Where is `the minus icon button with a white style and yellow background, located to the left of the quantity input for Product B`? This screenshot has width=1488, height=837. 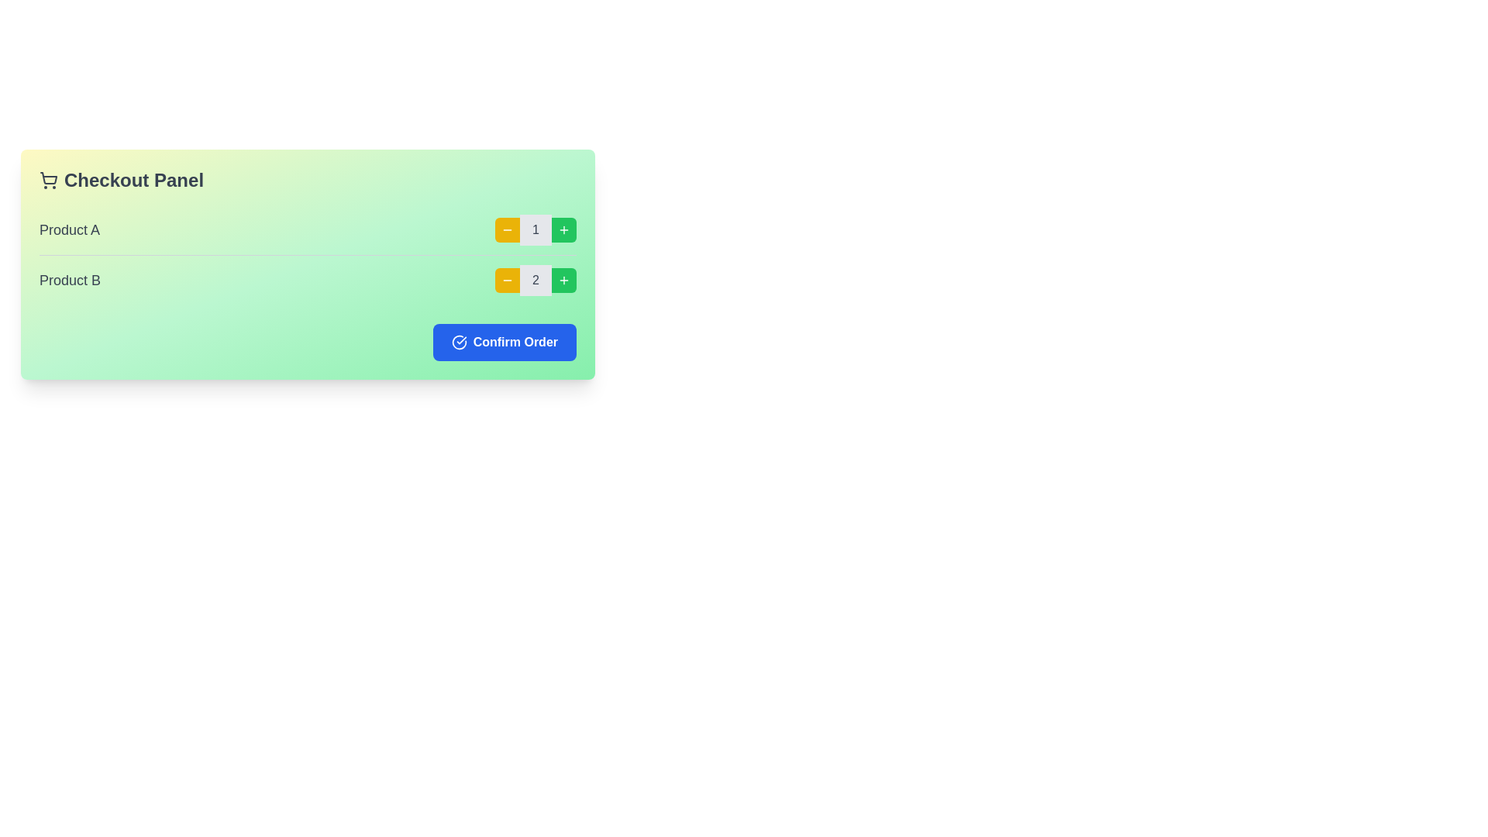 the minus icon button with a white style and yellow background, located to the left of the quantity input for Product B is located at coordinates (508, 281).